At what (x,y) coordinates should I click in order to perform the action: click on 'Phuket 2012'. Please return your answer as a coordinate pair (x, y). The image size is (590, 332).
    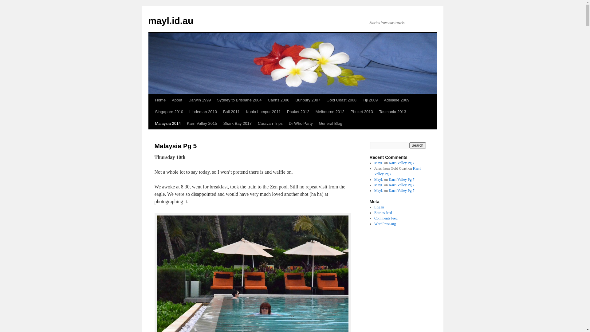
    Looking at the image, I should click on (298, 112).